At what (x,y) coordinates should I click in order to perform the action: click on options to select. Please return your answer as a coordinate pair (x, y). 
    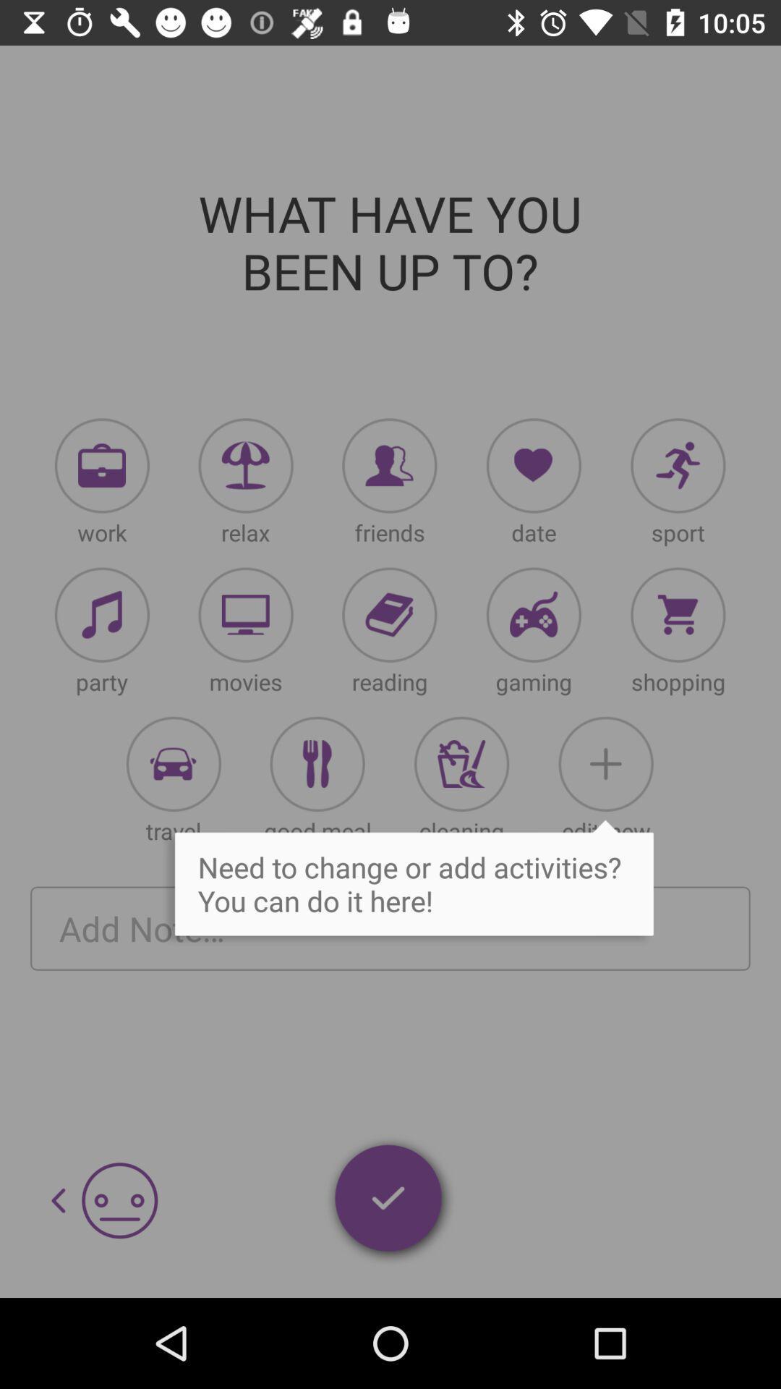
    Looking at the image, I should click on (678, 465).